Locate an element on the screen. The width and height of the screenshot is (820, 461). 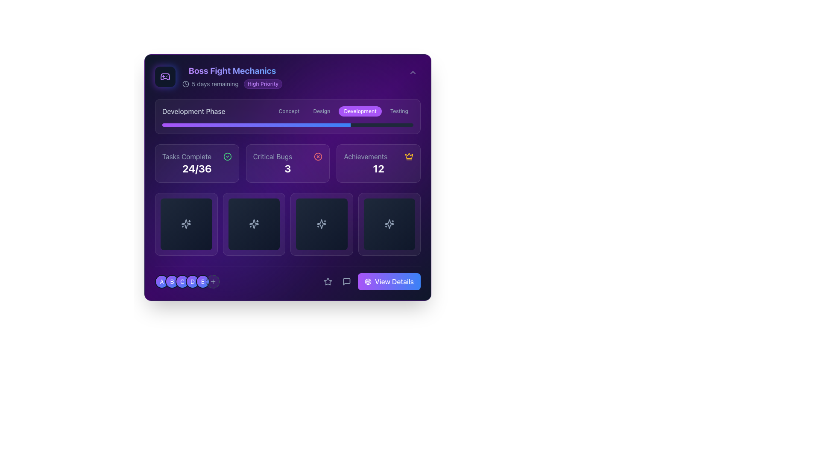
the prominent rounded rectangle button labeled 'Development' with a purple background is located at coordinates (360, 111).